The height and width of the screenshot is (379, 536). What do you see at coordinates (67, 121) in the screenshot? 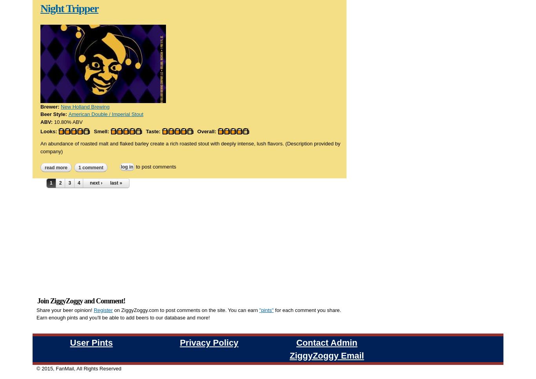
I see `'10.80% ABV'` at bounding box center [67, 121].